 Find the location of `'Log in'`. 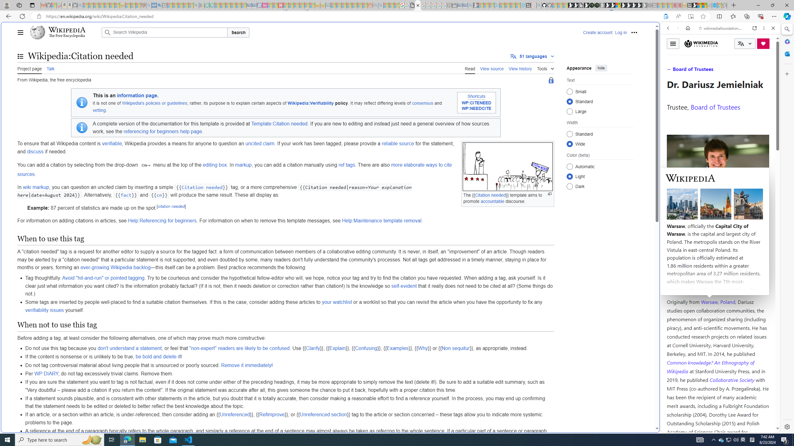

'Log in' is located at coordinates (620, 32).